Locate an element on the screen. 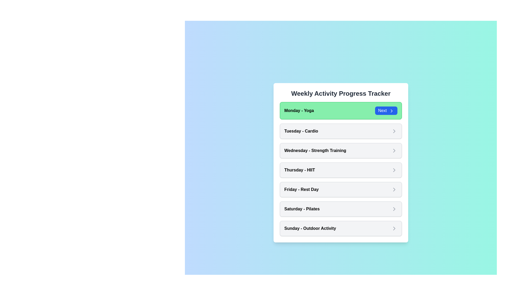  the chevron icon by clicking the 'Next' button that contains it, located on the right-hand side of the 'Weekly Activity Progress Tracker' panel is located at coordinates (391, 110).